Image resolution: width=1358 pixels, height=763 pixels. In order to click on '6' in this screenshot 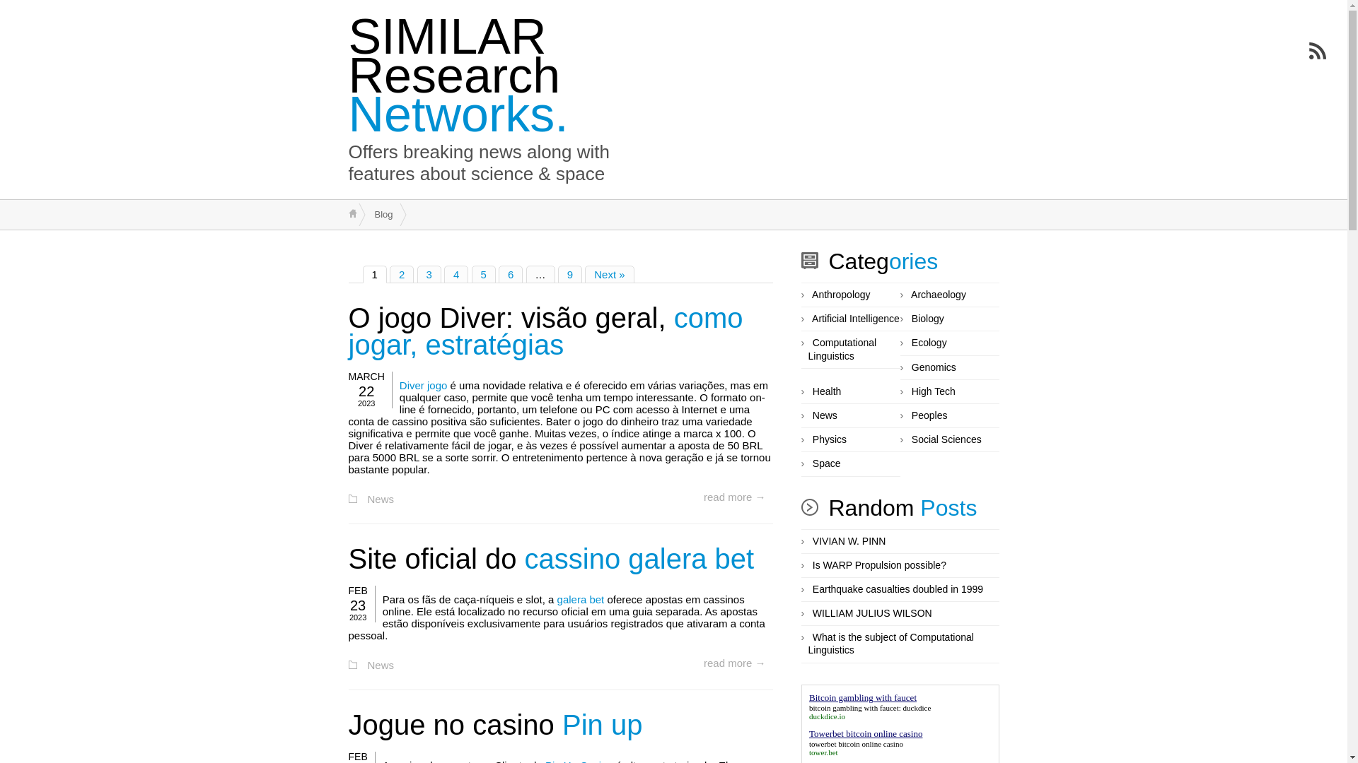, I will do `click(509, 274)`.